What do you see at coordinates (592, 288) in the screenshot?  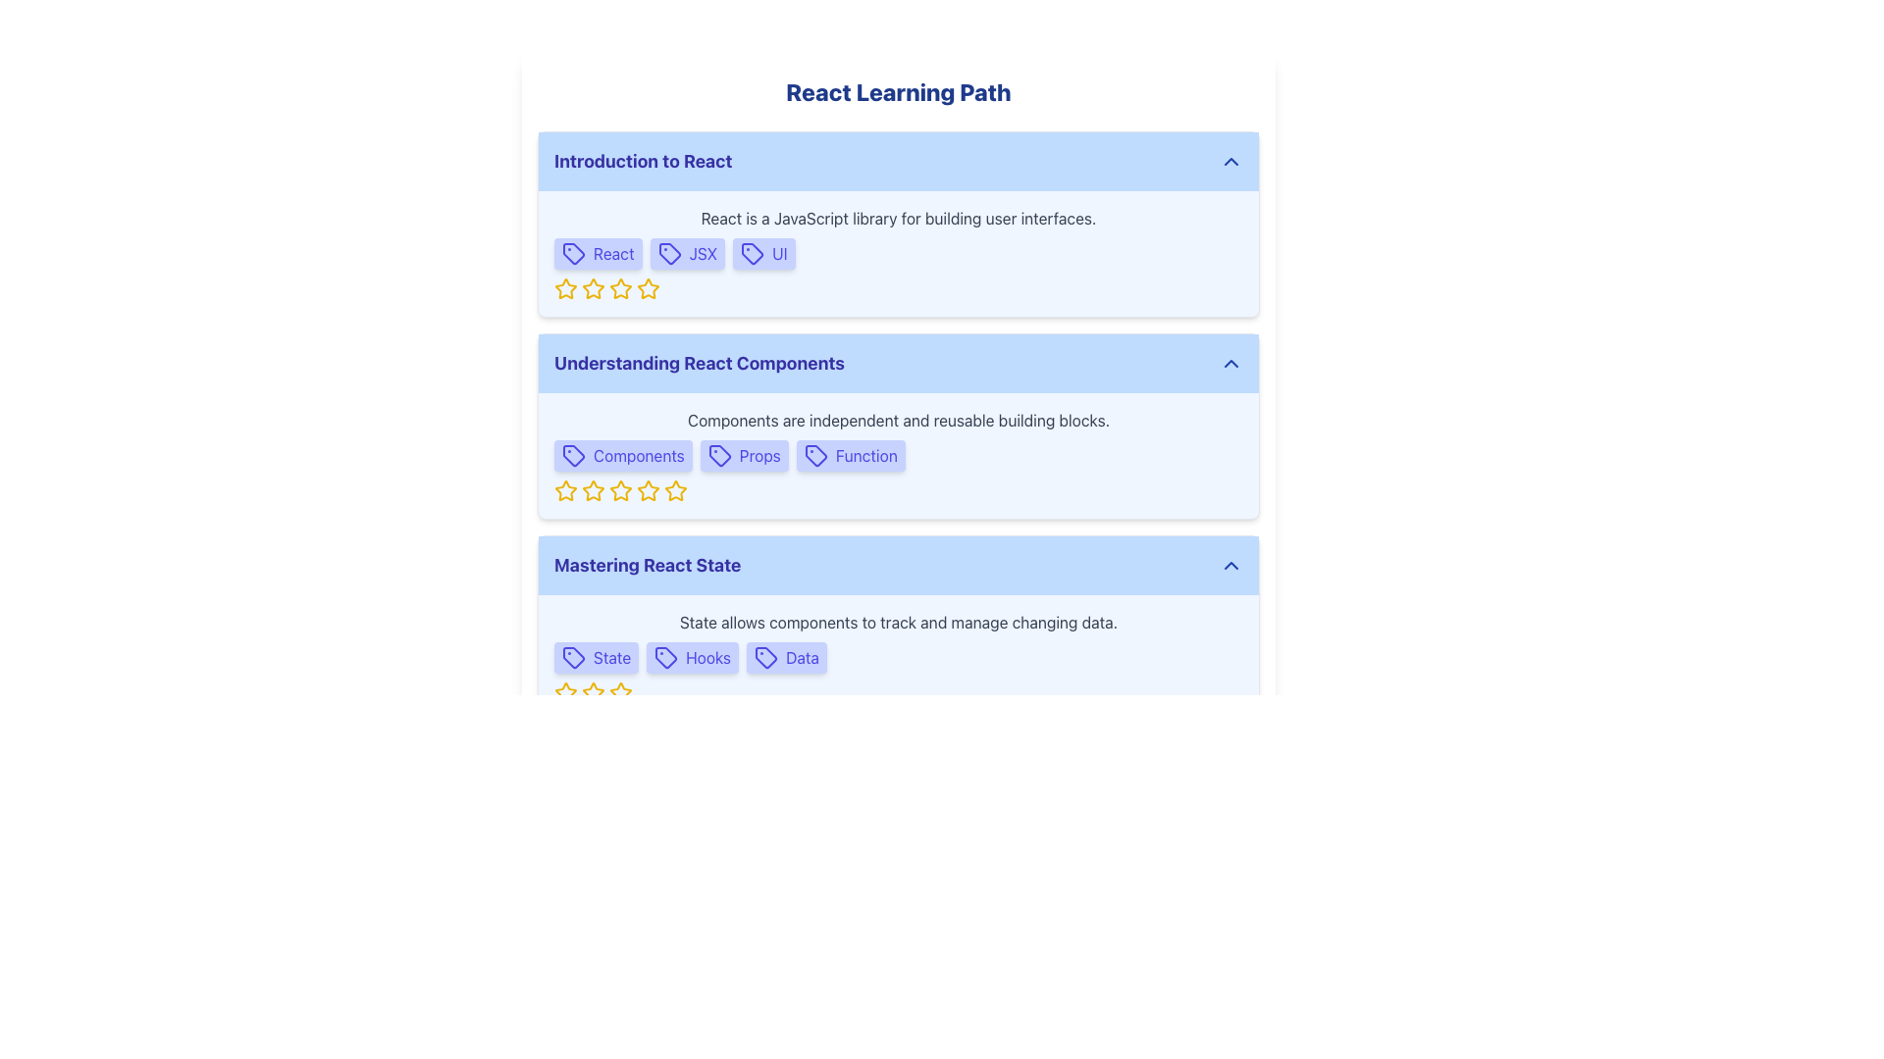 I see `the third star rating icon` at bounding box center [592, 288].